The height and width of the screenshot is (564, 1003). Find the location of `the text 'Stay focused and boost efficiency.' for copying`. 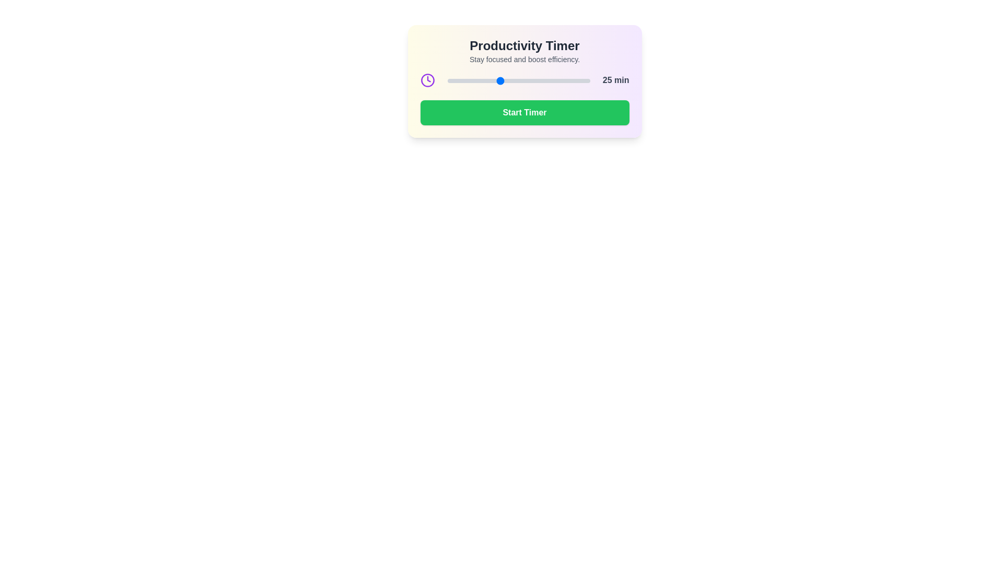

the text 'Stay focused and boost efficiency.' for copying is located at coordinates (524, 60).